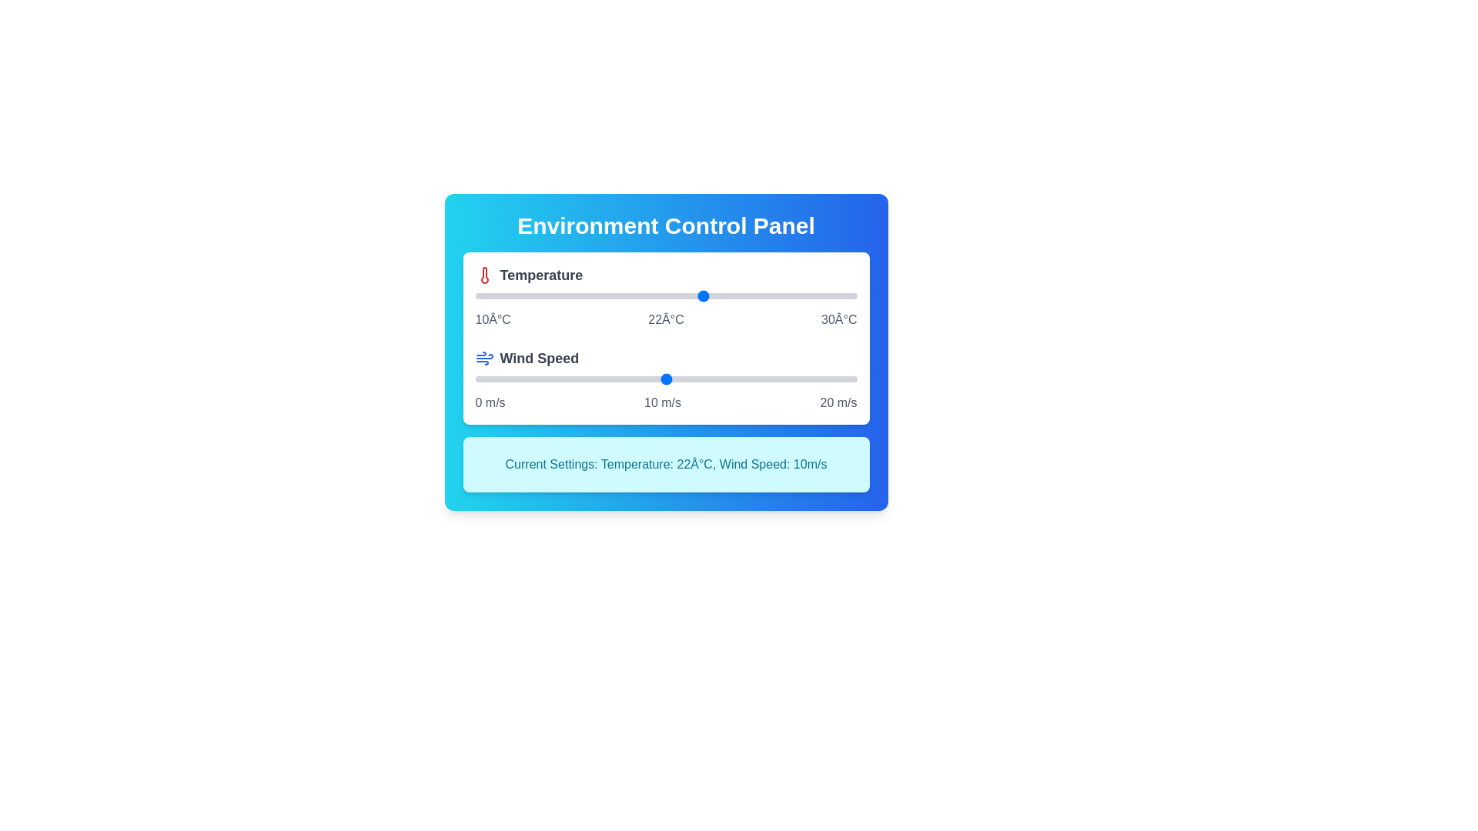  Describe the element at coordinates (494, 296) in the screenshot. I see `the temperature slider to 11°C` at that location.